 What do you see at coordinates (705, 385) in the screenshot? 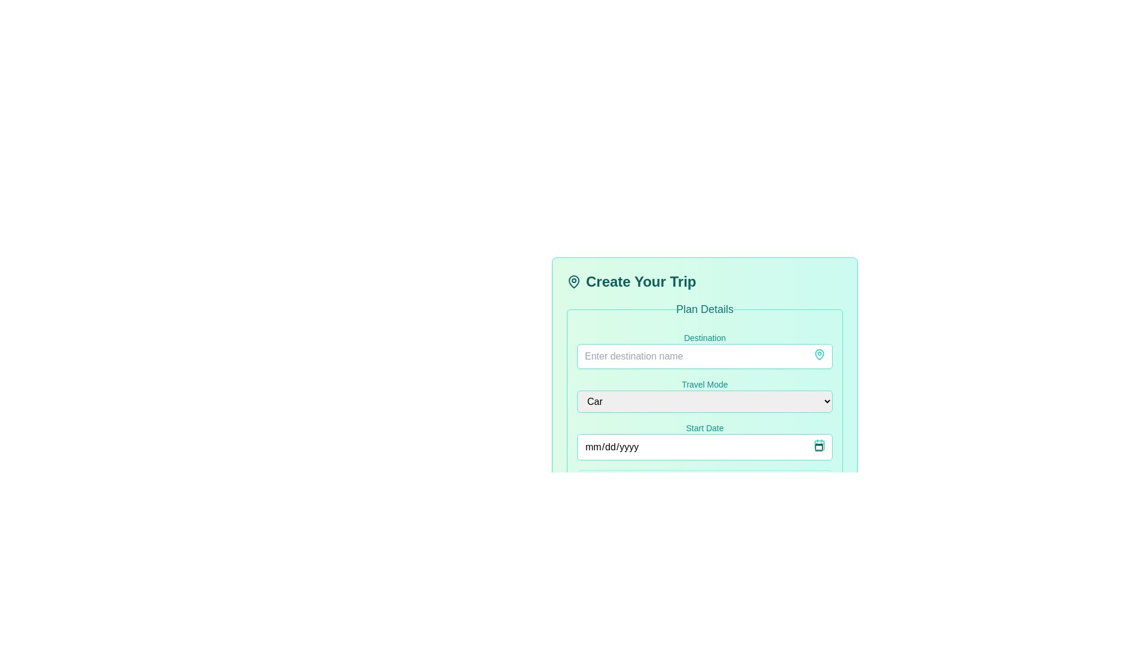
I see `'Travel Mode' label above the dropdown field for selecting travel options in the 'Create Your Trip' form, specifically in the 'Plan Details' section` at bounding box center [705, 385].